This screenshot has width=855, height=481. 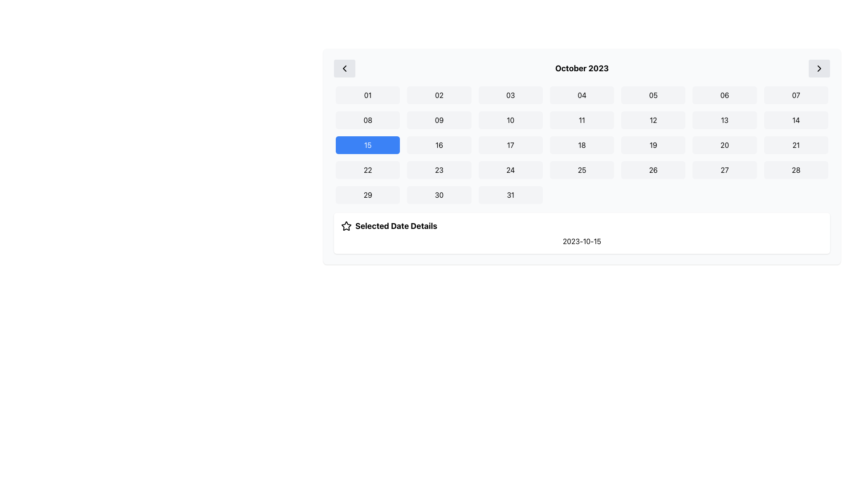 I want to click on the '26' button in the October 2023 calendar, so click(x=653, y=170).